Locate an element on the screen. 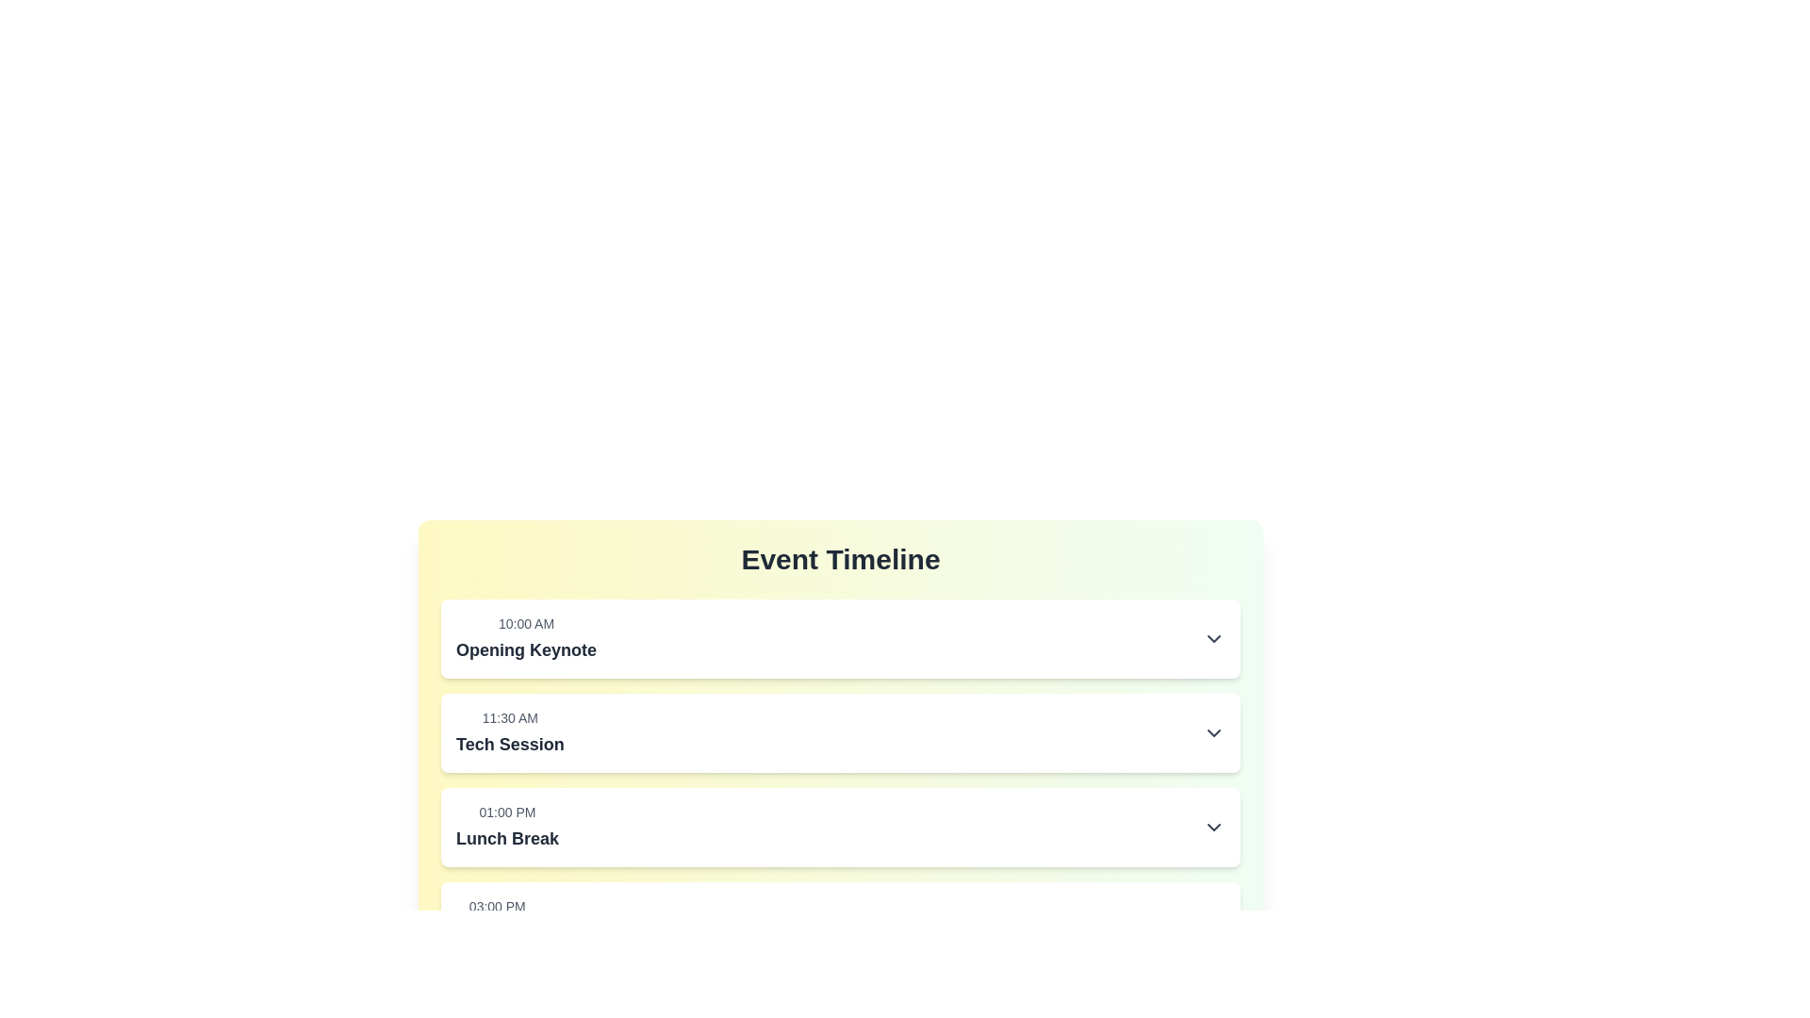  session time and title from the second card in the event timeline, which features an interactive dropdown chevron for additional options is located at coordinates (840, 732).